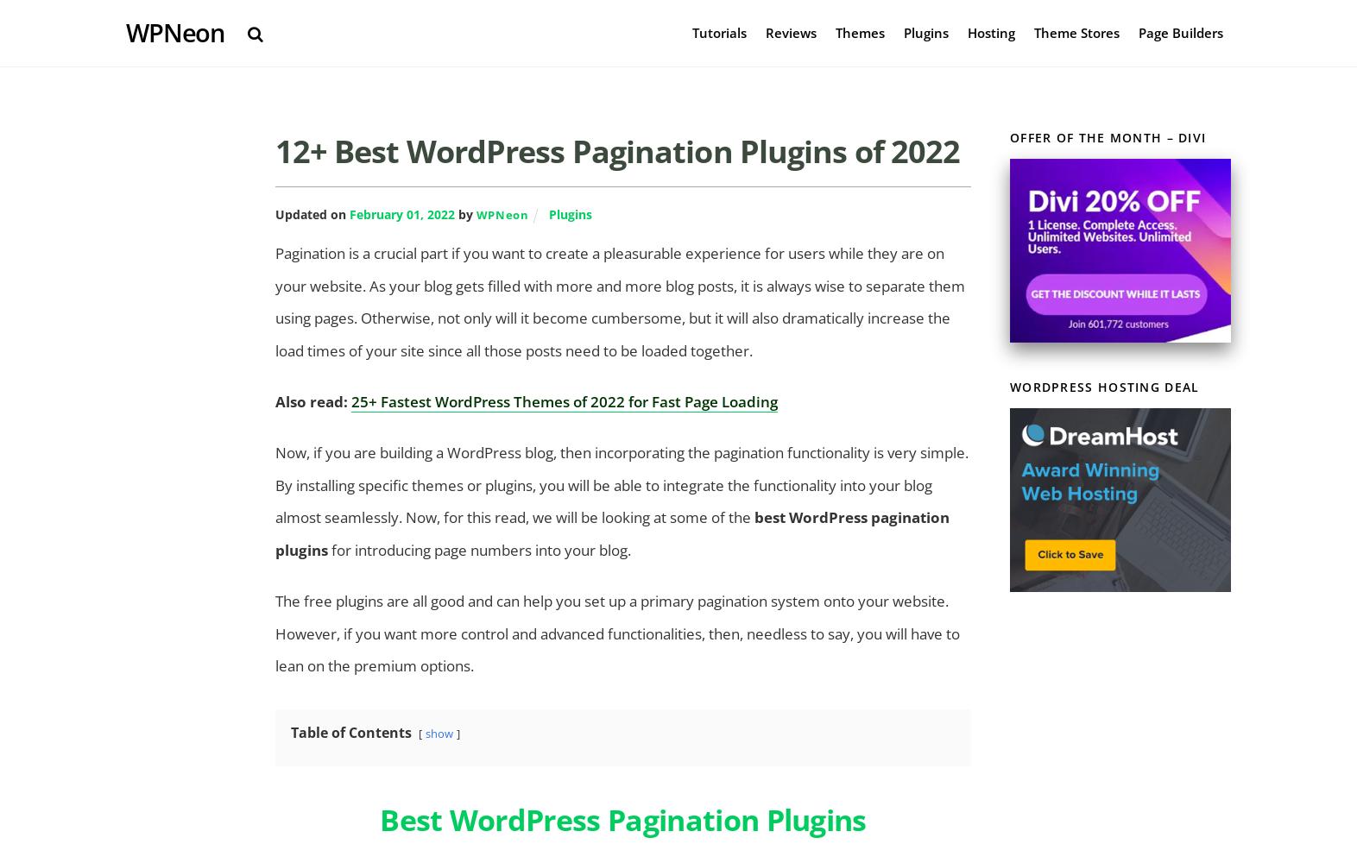 Image resolution: width=1357 pixels, height=863 pixels. I want to click on 'Hosting', so click(991, 33).